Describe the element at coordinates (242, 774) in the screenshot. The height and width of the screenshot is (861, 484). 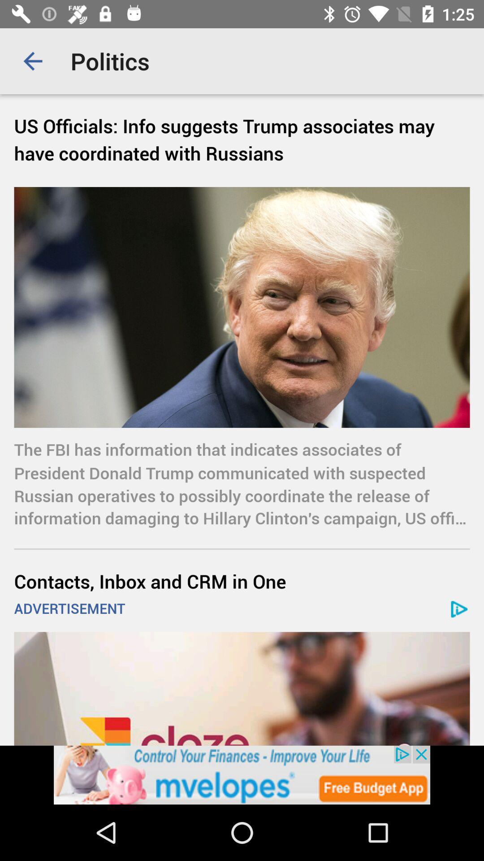
I see `advertisement` at that location.